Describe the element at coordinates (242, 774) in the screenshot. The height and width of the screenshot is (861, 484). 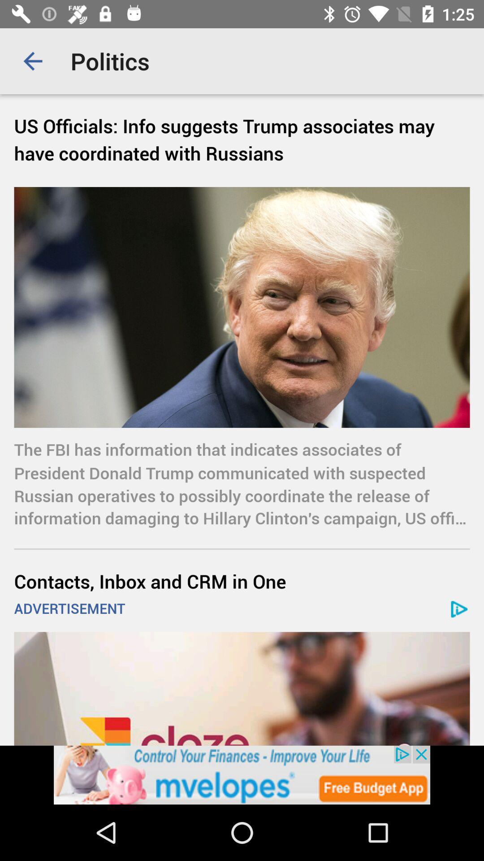
I see `advertisement` at that location.